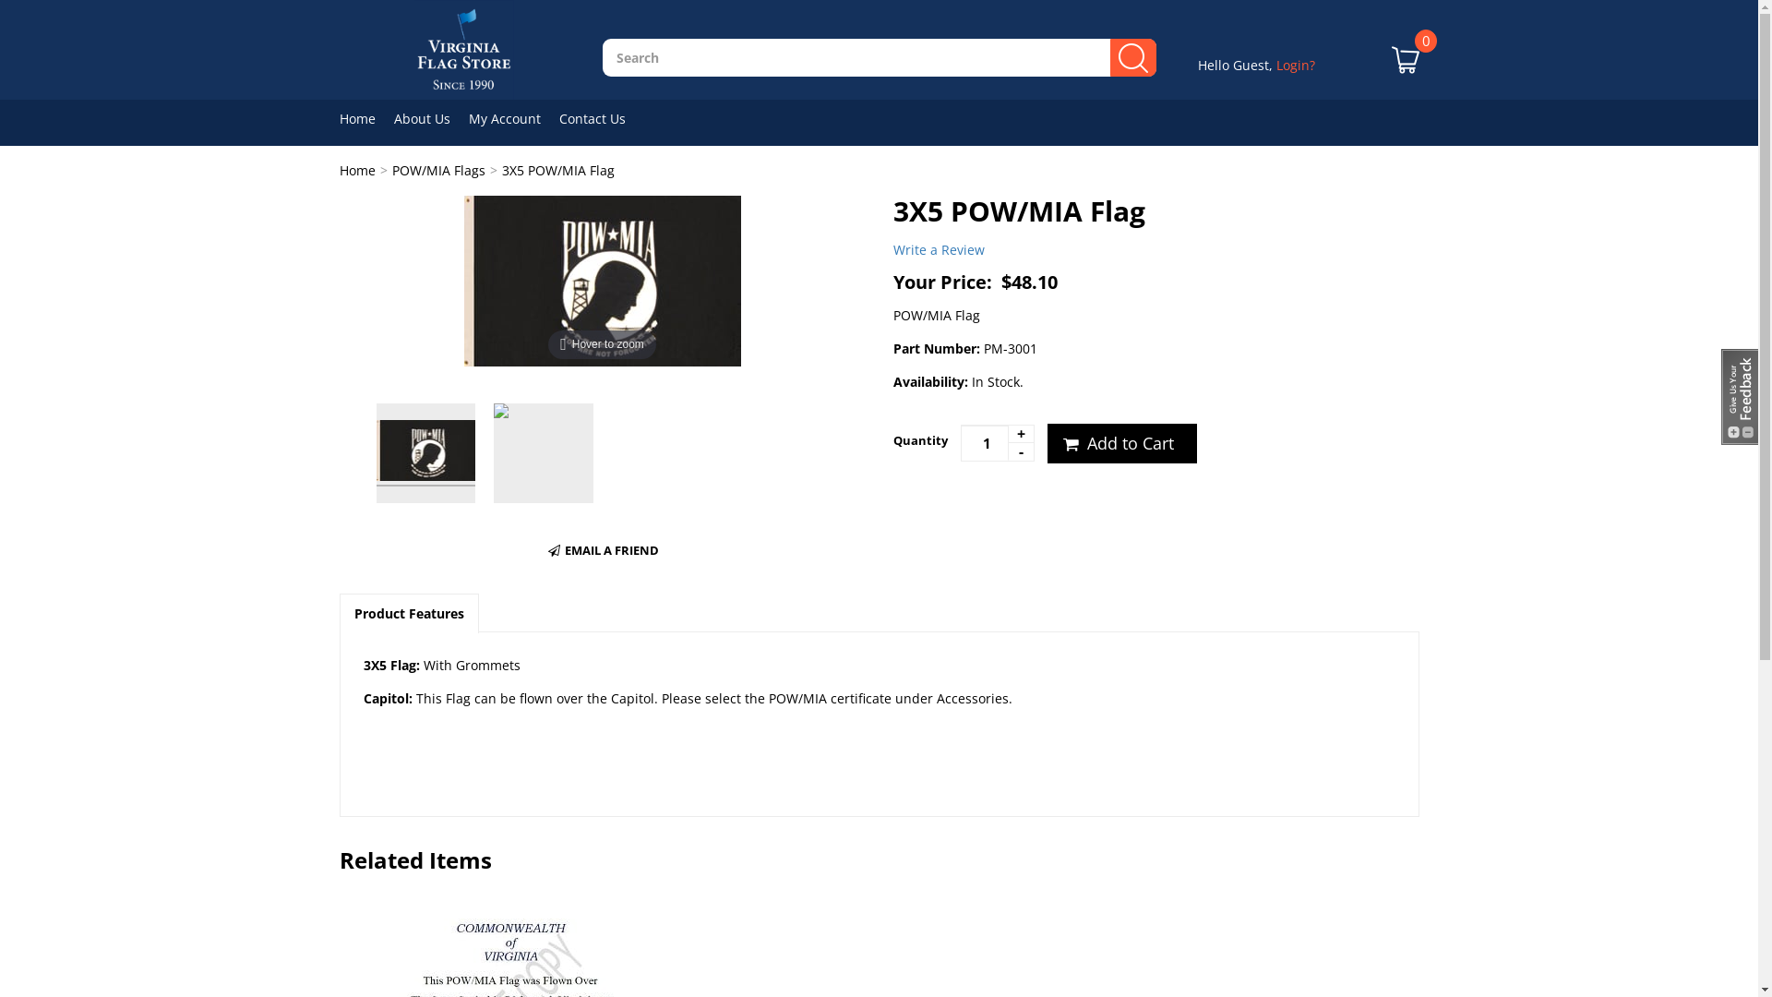 This screenshot has width=1772, height=997. What do you see at coordinates (1119, 444) in the screenshot?
I see `'Add to Cart'` at bounding box center [1119, 444].